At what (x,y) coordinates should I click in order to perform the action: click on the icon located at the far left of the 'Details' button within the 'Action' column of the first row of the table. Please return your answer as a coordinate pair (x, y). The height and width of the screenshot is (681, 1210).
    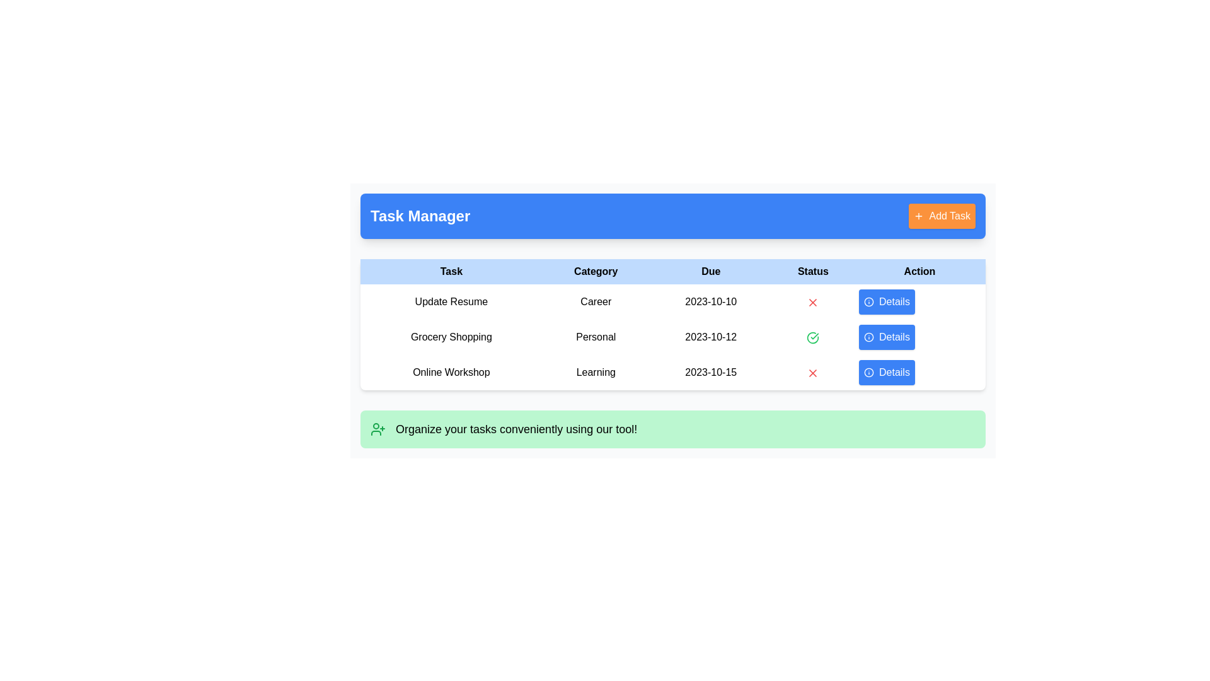
    Looking at the image, I should click on (868, 301).